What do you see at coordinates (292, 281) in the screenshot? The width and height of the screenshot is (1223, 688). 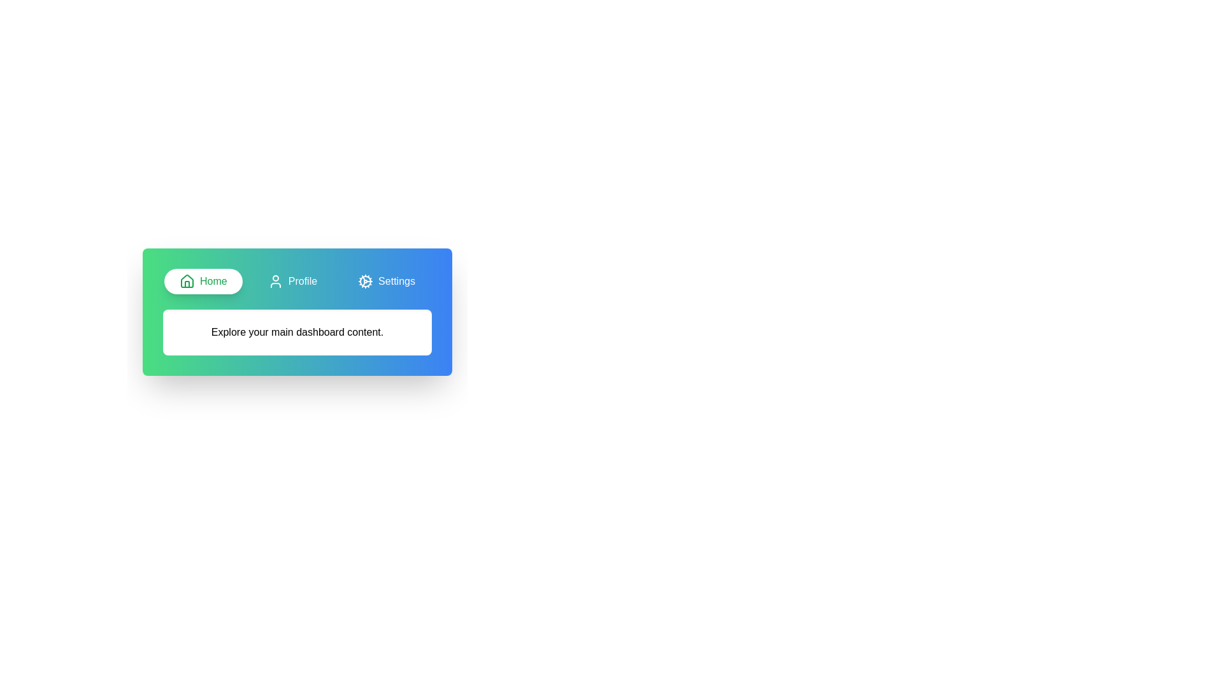 I see `the tab labeled Profile` at bounding box center [292, 281].